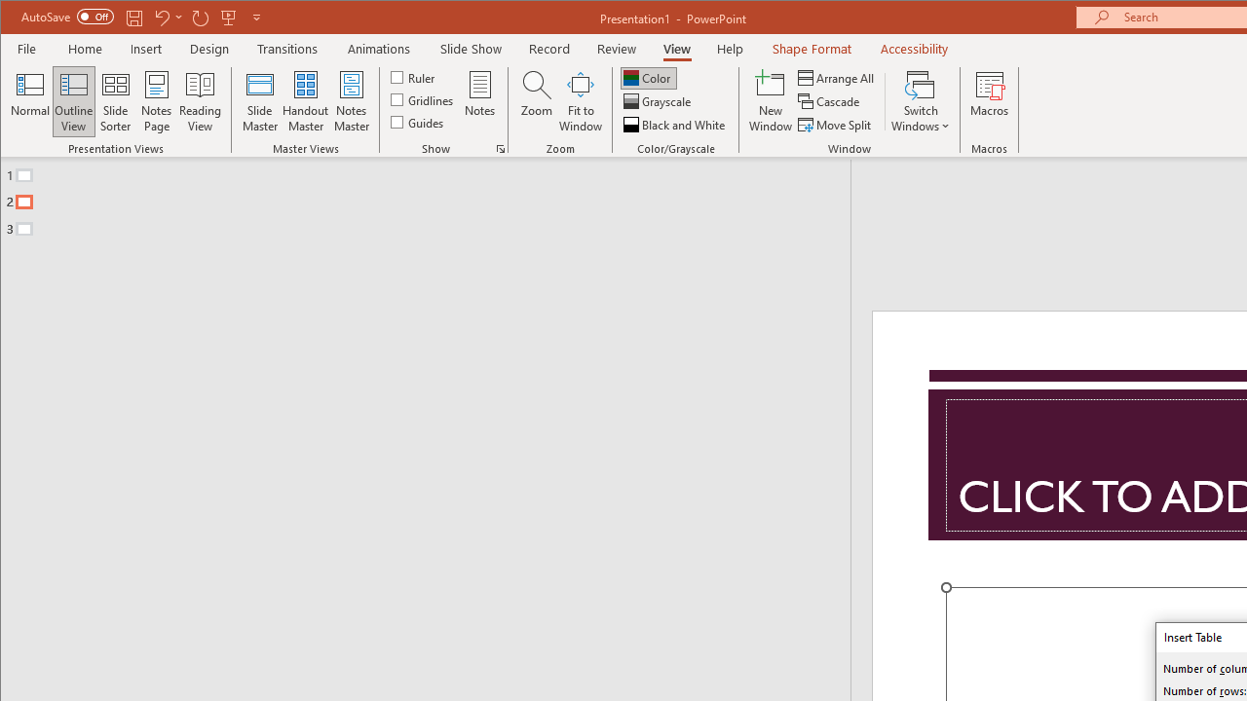 The image size is (1247, 701). What do you see at coordinates (156, 101) in the screenshot?
I see `'Notes Page'` at bounding box center [156, 101].